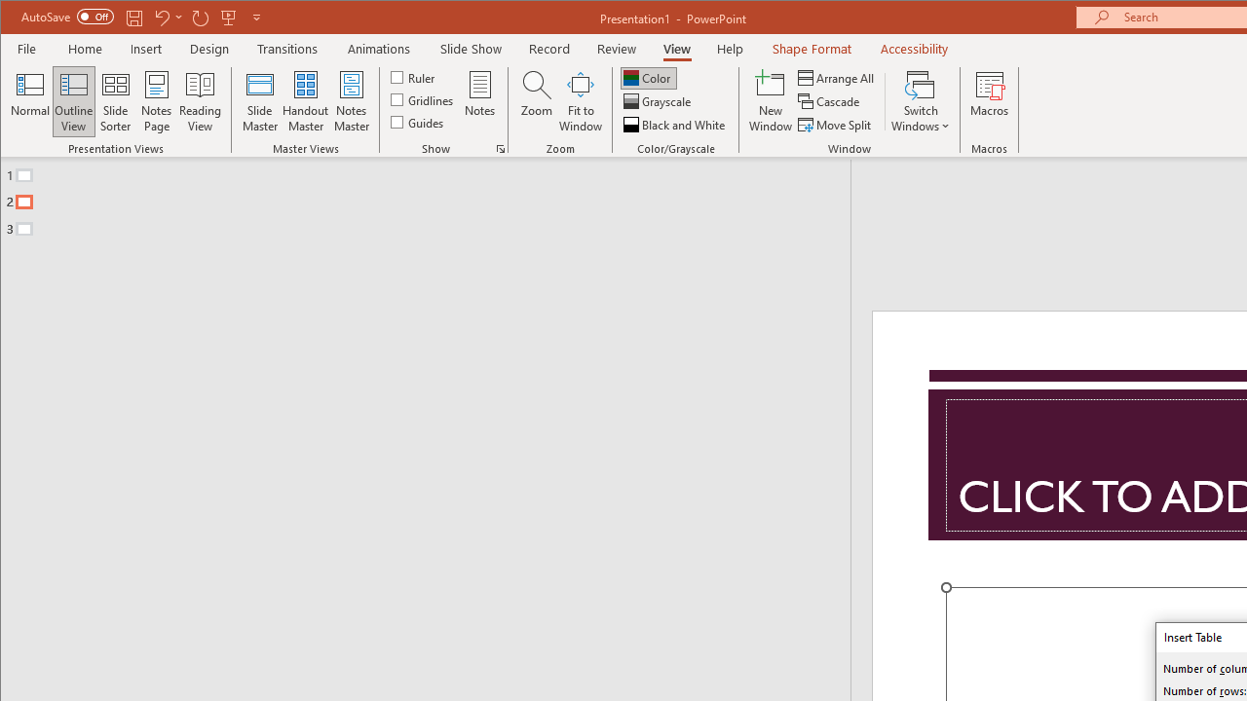 The image size is (1247, 701). What do you see at coordinates (156, 101) in the screenshot?
I see `'Notes Page'` at bounding box center [156, 101].